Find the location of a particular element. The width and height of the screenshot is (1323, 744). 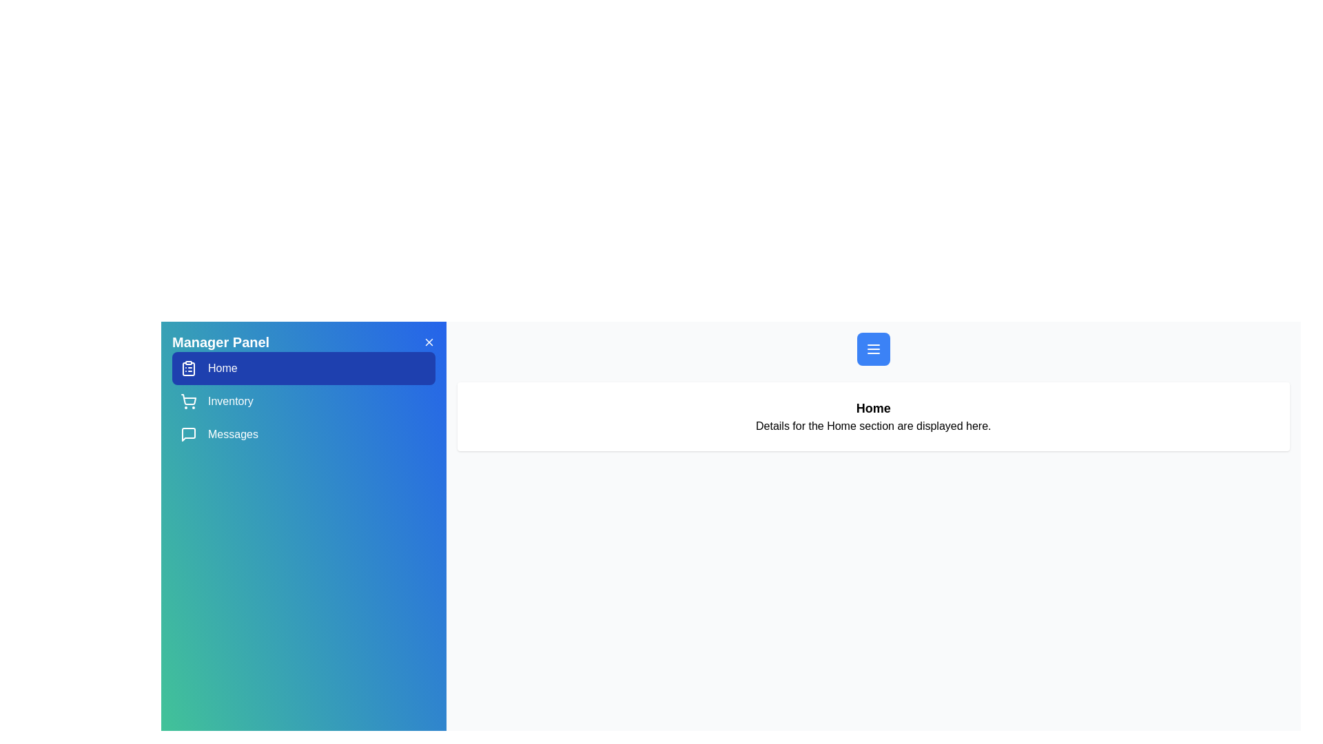

the menu item corresponding to Inventory is located at coordinates (302, 401).